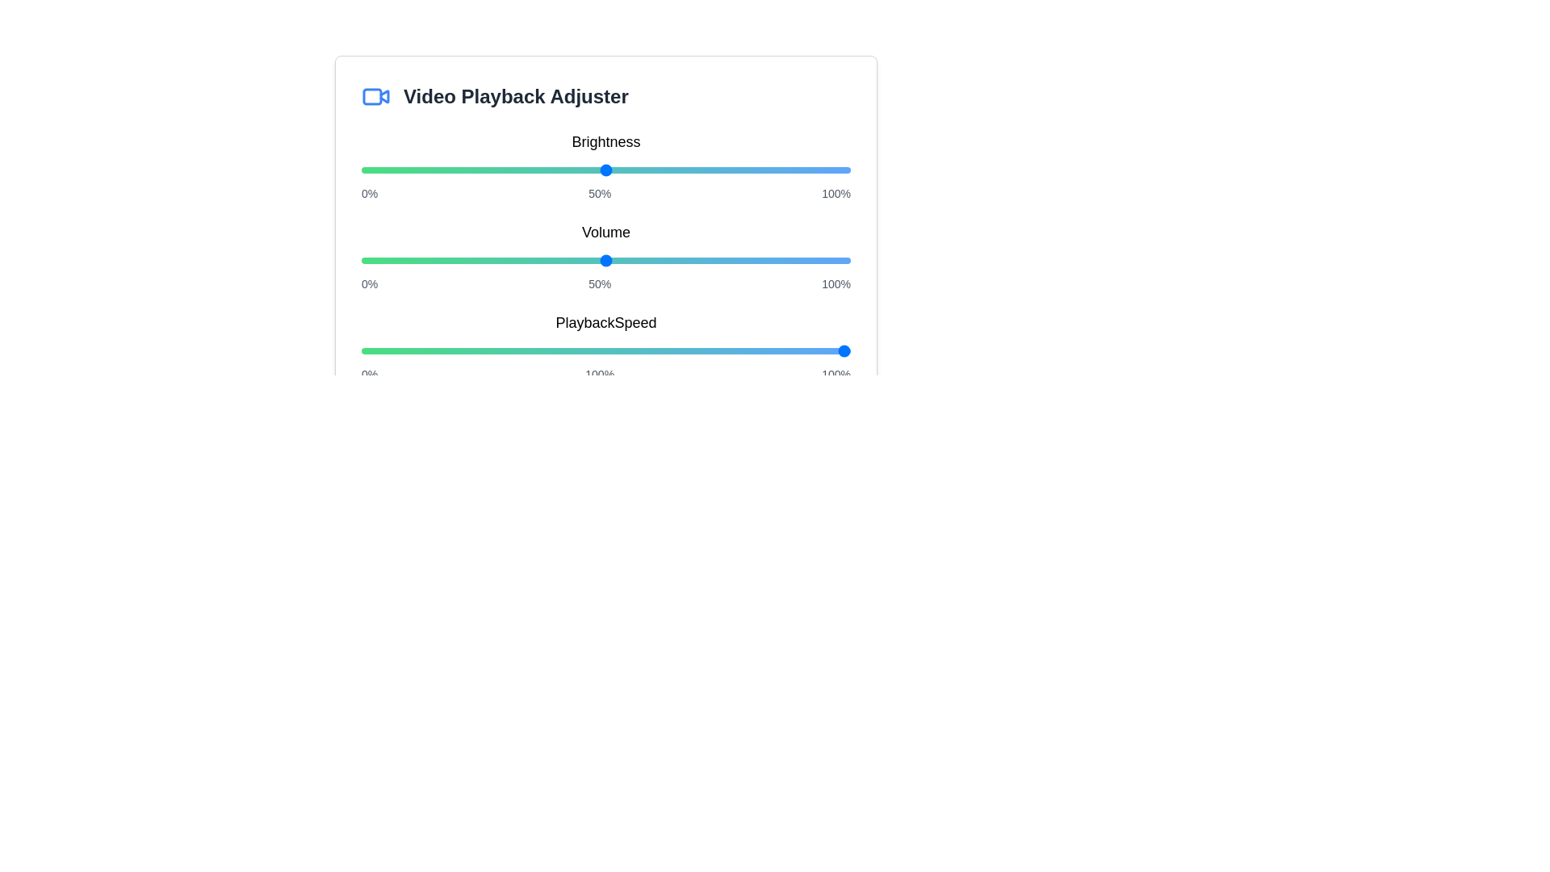 This screenshot has height=872, width=1550. Describe the element at coordinates (380, 260) in the screenshot. I see `the volume slider to set the volume to 4%` at that location.